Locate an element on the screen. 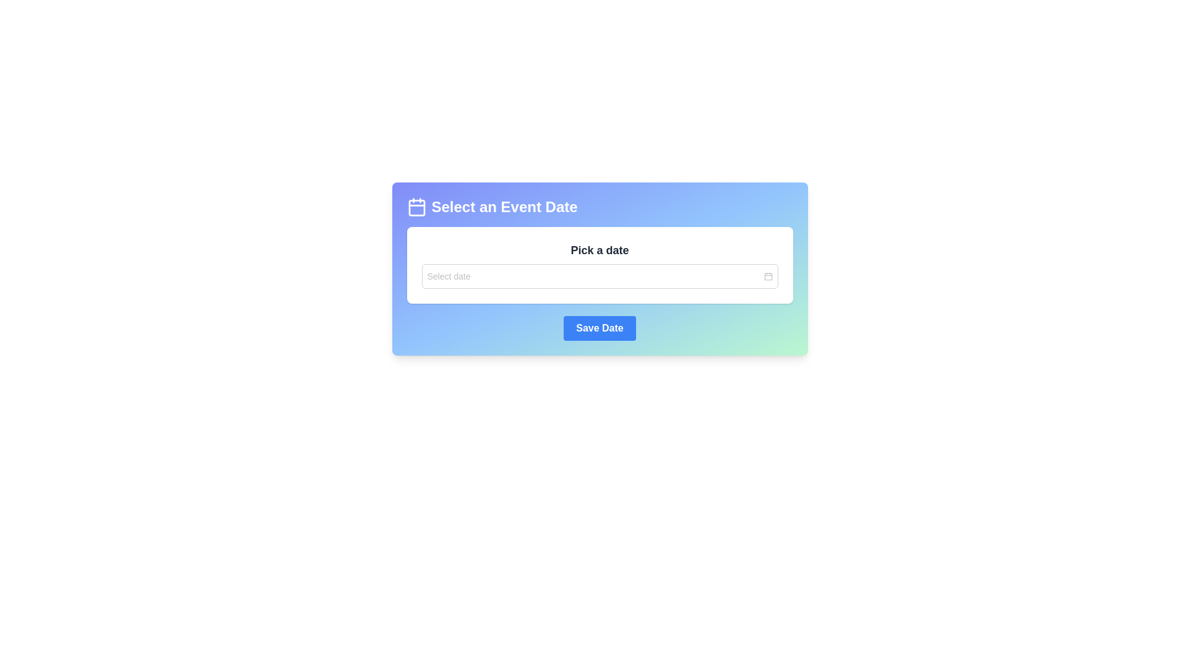 Image resolution: width=1188 pixels, height=668 pixels. the calendar icon located at the right end of the pick-a-date input field is located at coordinates (767, 276).